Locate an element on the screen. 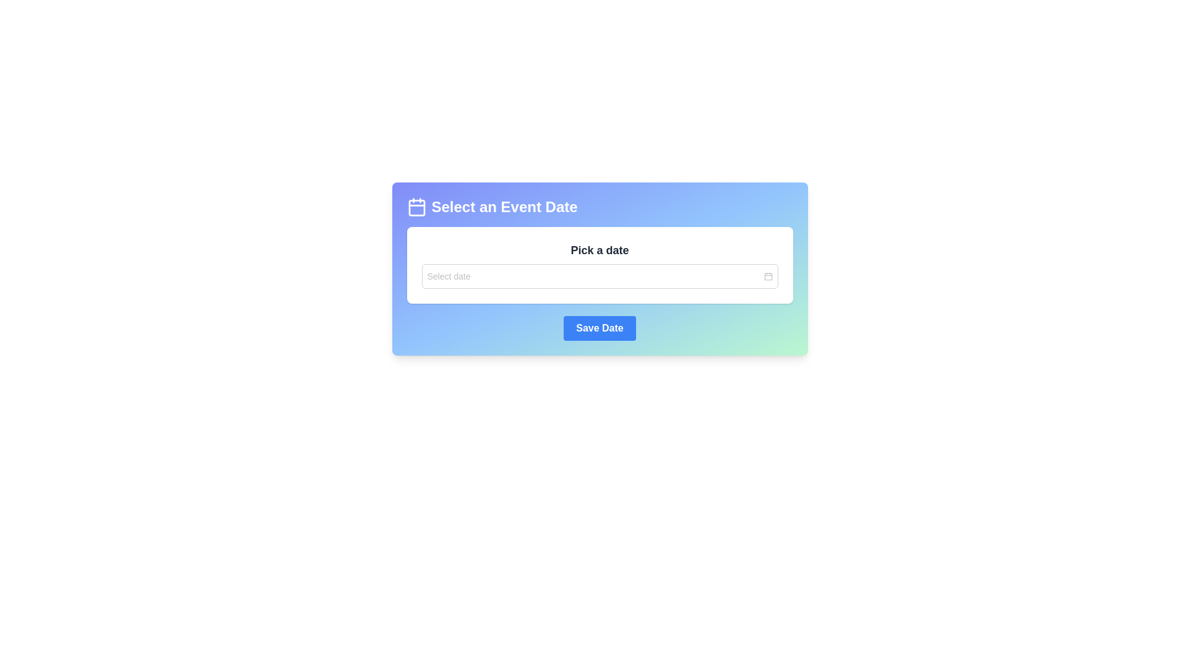 Image resolution: width=1188 pixels, height=668 pixels. the calendar icon located at the right end of the pick-a-date input field is located at coordinates (767, 276).